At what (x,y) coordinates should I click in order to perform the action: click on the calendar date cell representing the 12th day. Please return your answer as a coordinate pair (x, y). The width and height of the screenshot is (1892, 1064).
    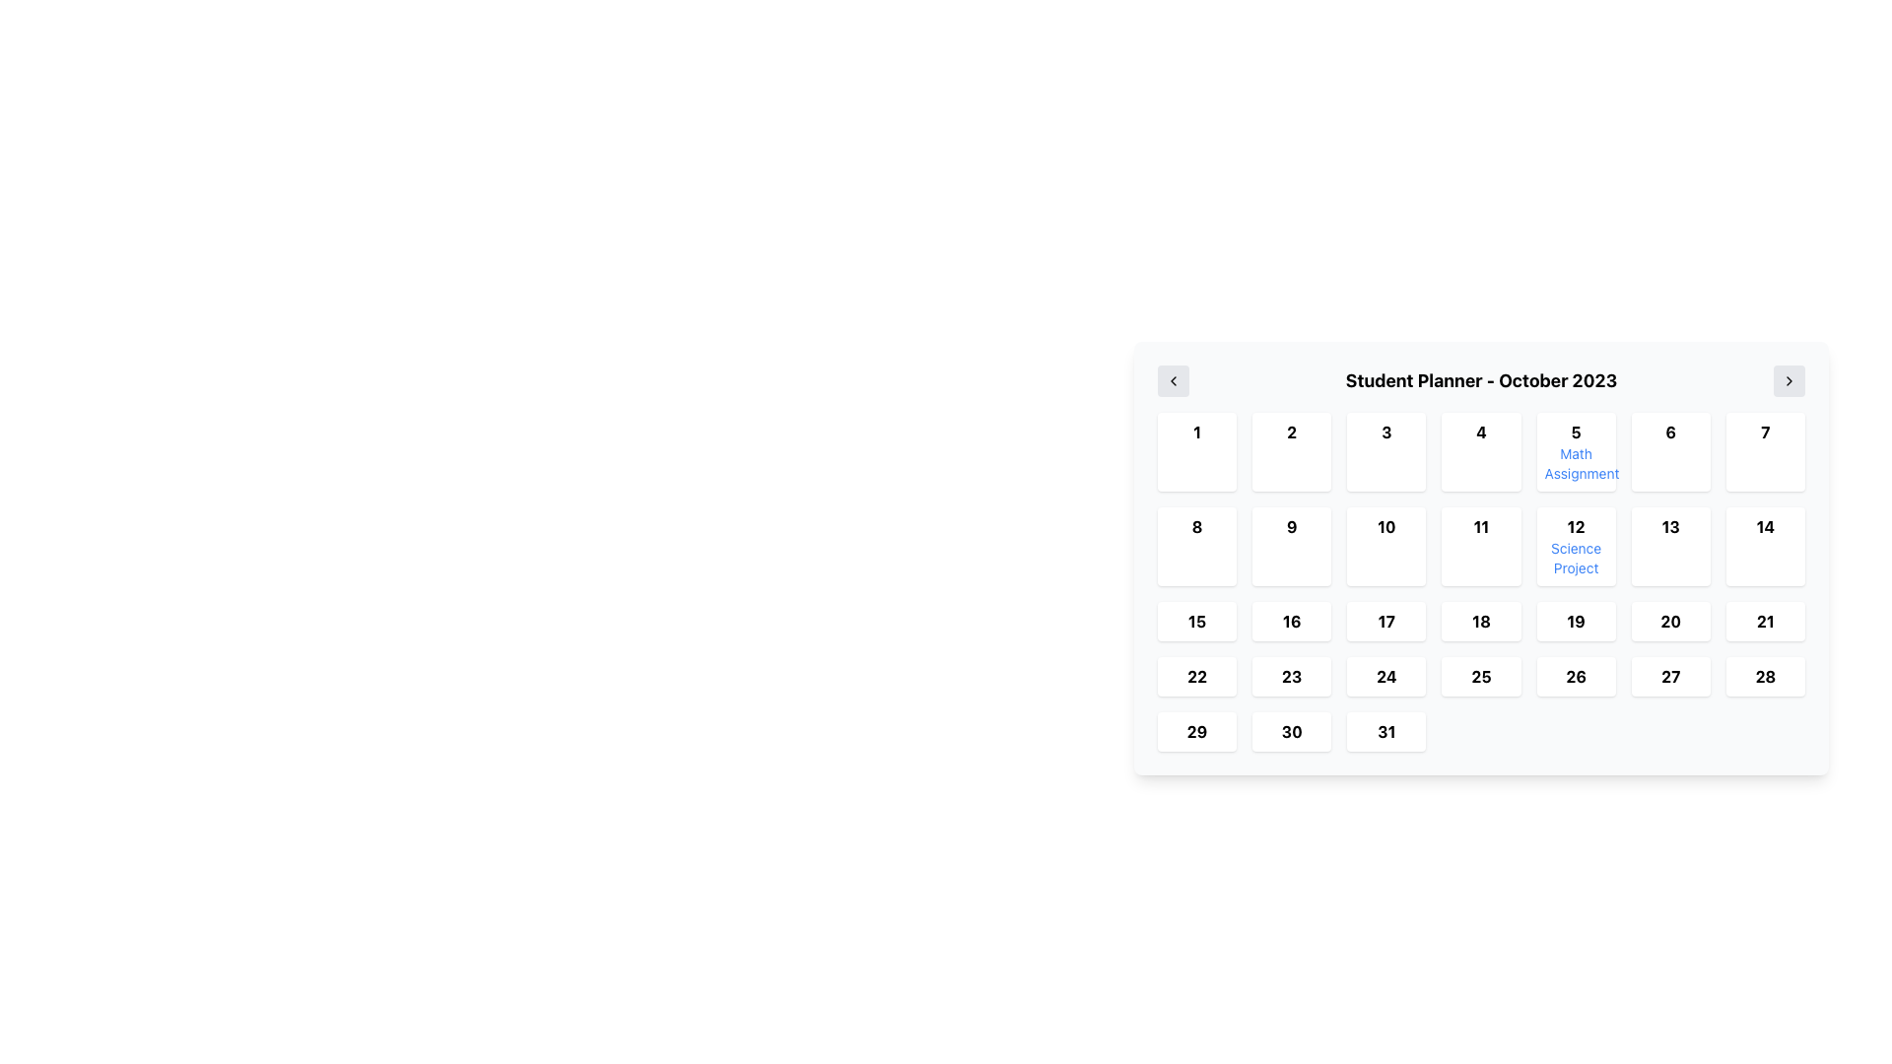
    Looking at the image, I should click on (1575, 547).